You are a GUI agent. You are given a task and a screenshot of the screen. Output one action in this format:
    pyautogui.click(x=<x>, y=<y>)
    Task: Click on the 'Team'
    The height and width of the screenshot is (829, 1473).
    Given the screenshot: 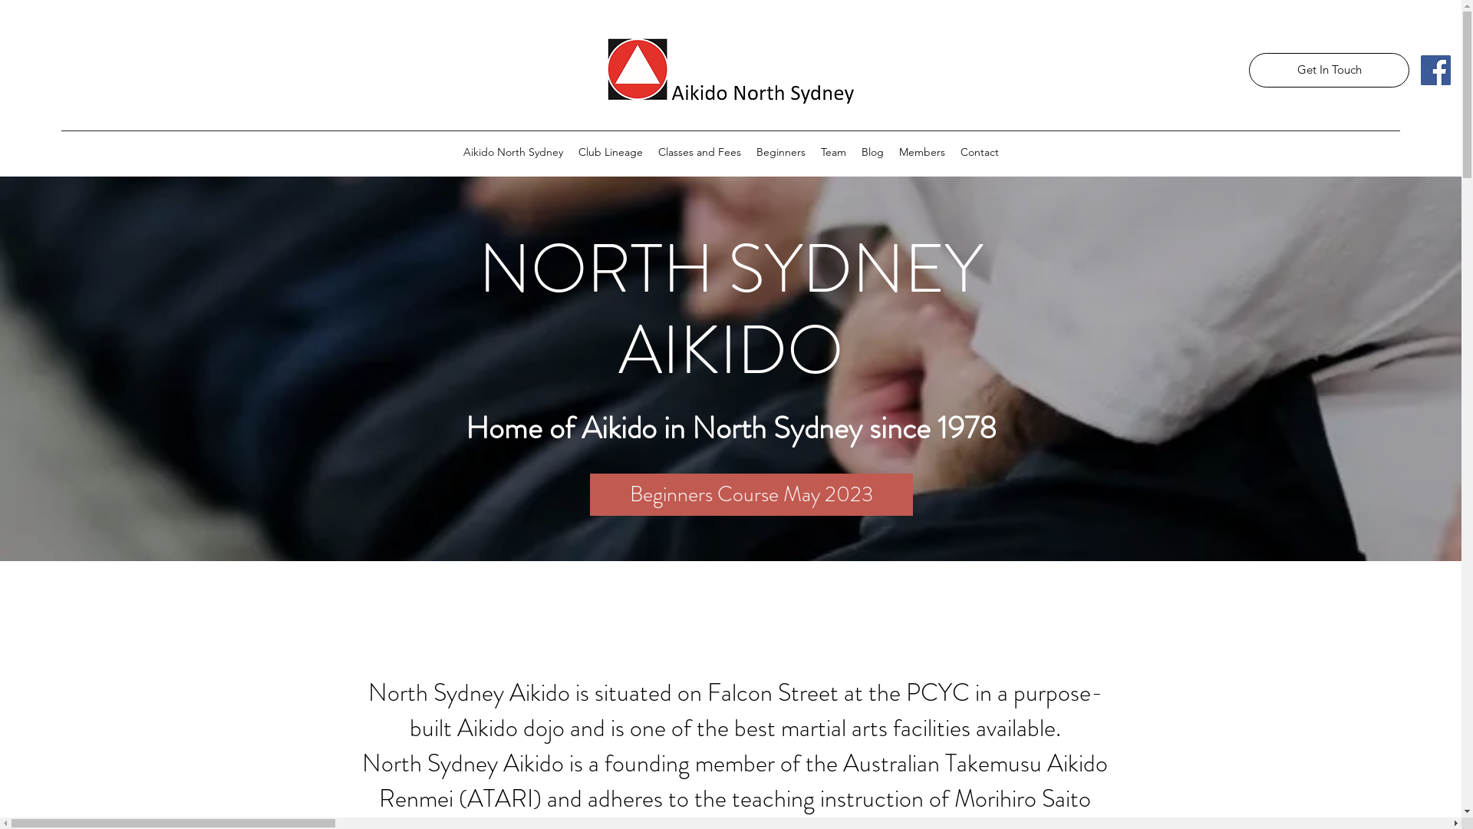 What is the action you would take?
    pyautogui.click(x=832, y=152)
    